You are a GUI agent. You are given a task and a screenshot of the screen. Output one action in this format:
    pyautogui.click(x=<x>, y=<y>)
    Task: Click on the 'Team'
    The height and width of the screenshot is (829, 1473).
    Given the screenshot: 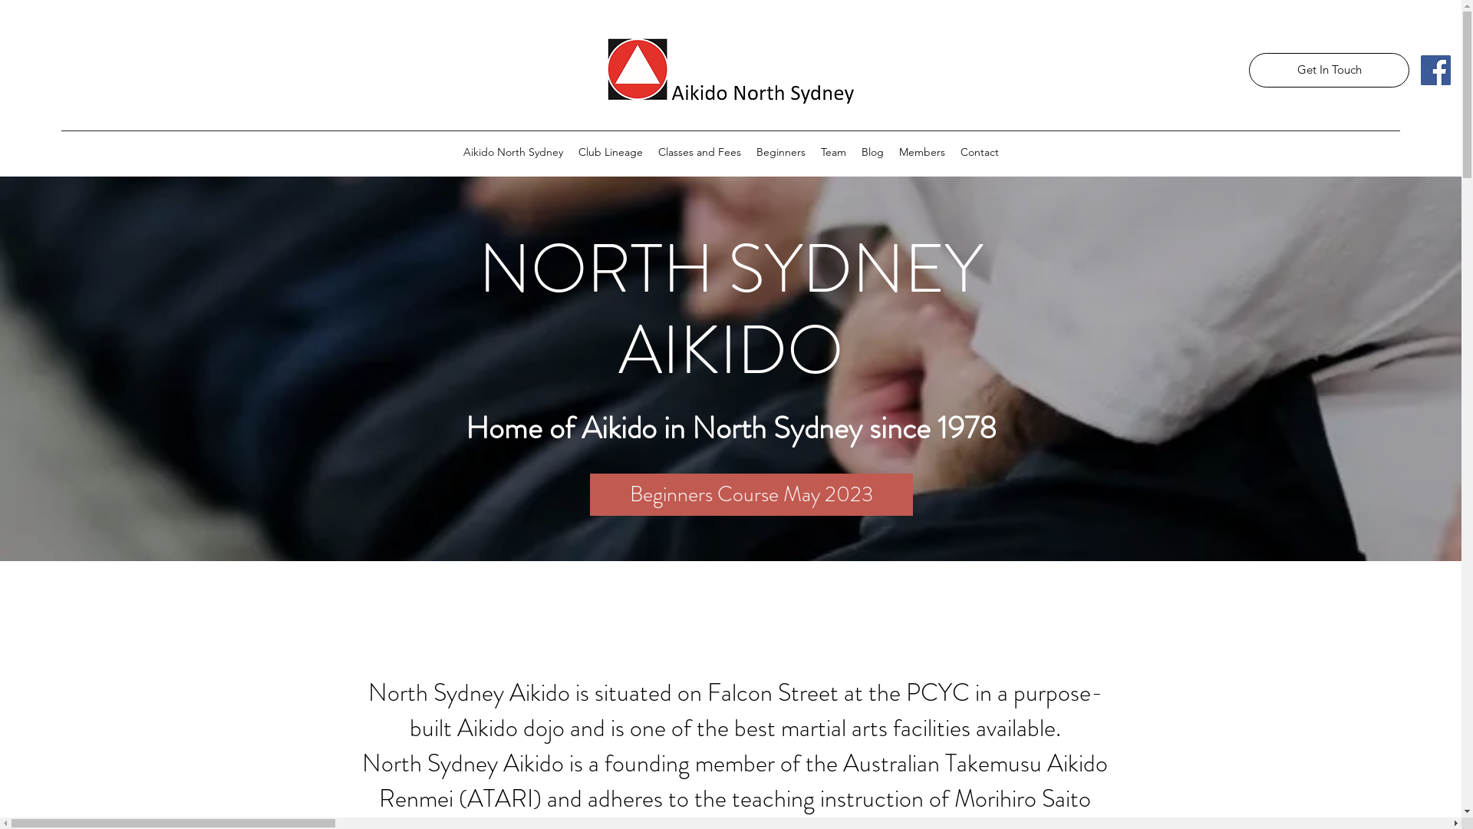 What is the action you would take?
    pyautogui.click(x=832, y=152)
    